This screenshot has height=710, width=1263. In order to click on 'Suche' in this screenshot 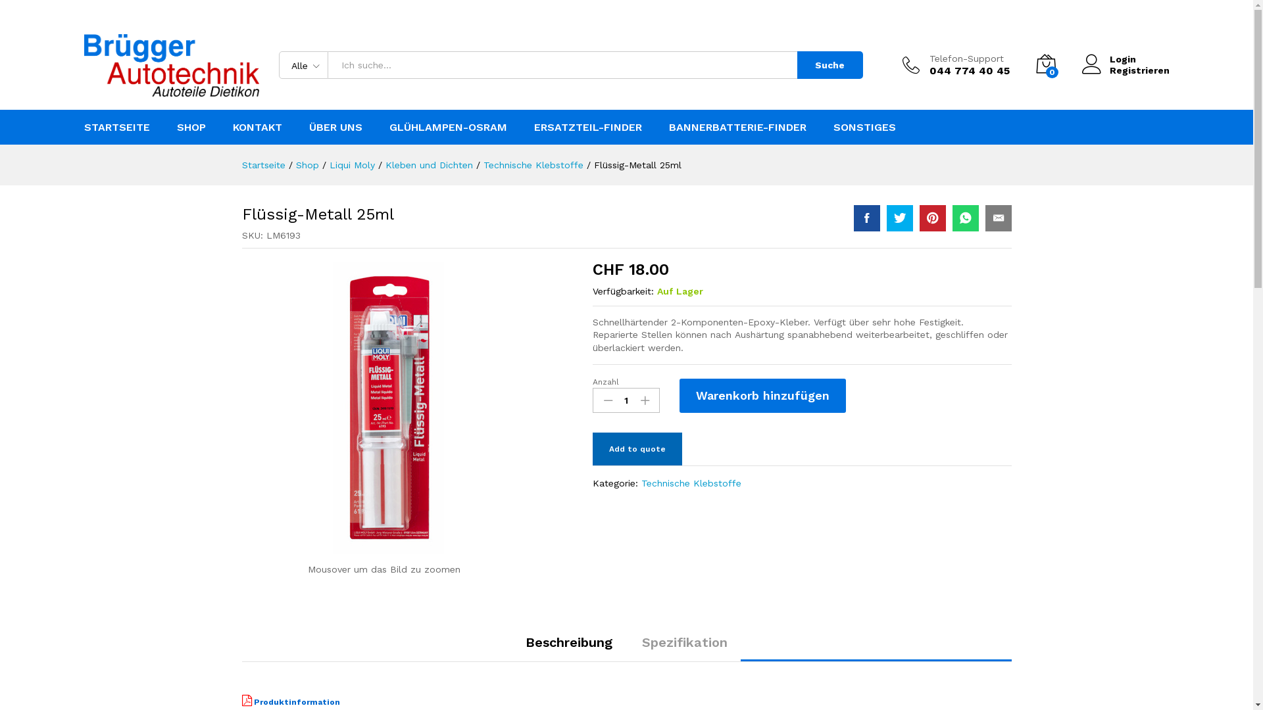, I will do `click(830, 65)`.